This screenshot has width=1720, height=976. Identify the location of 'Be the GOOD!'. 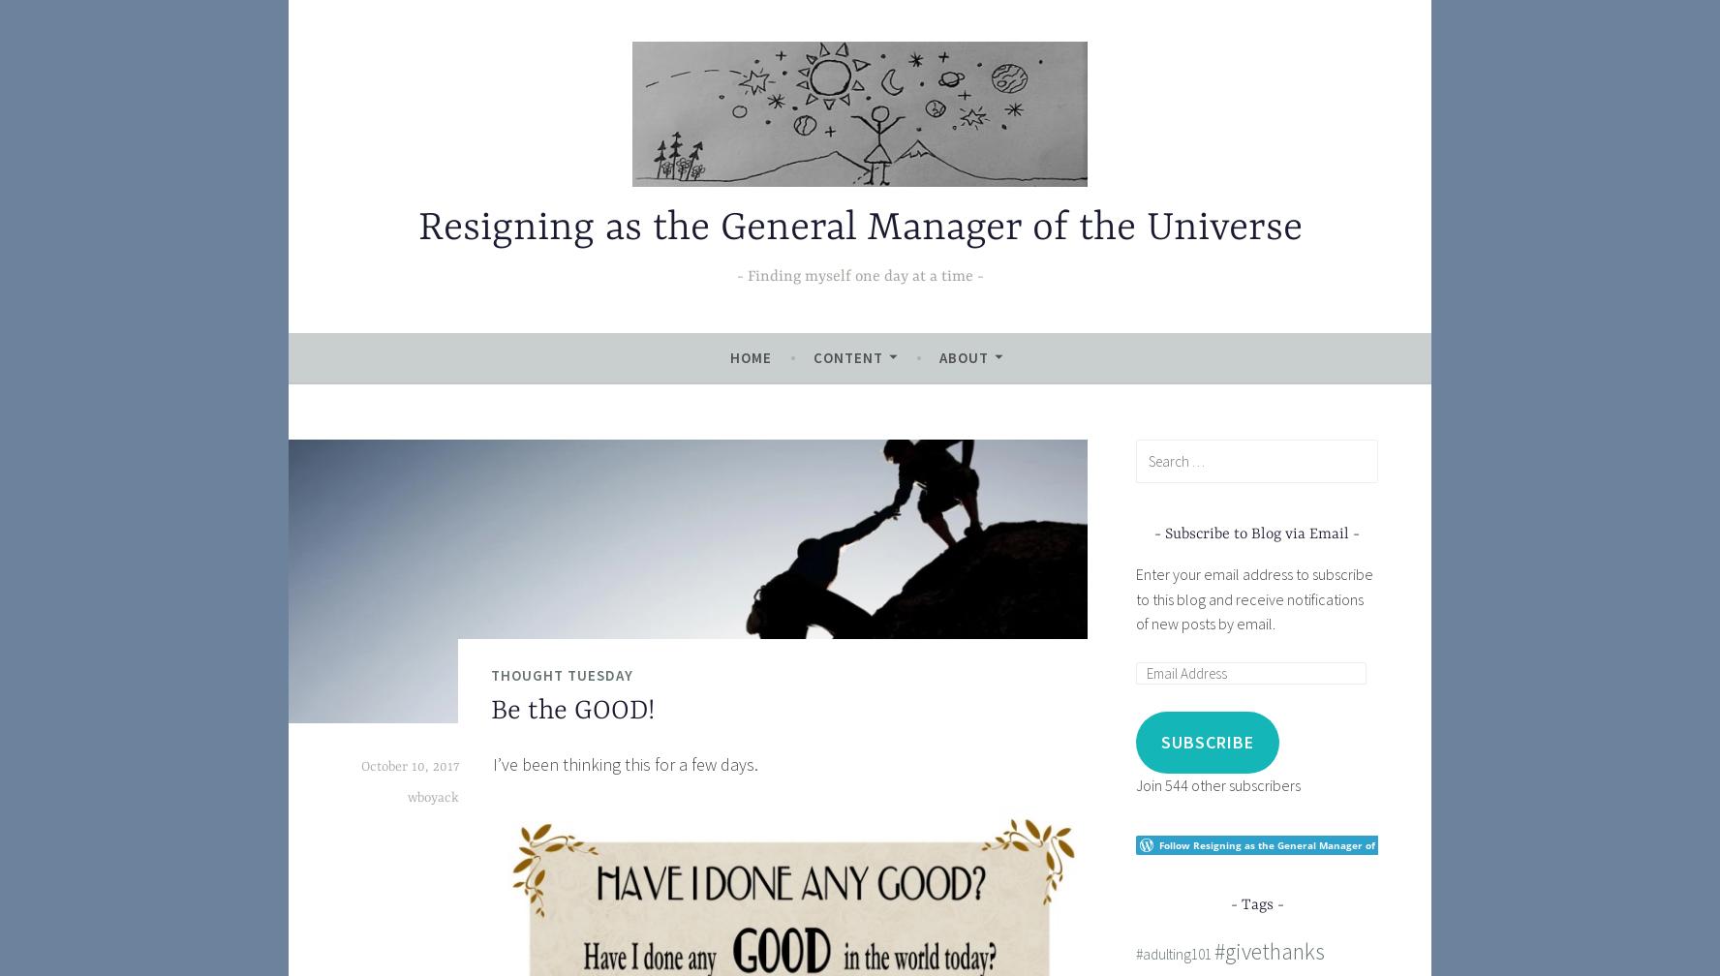
(572, 711).